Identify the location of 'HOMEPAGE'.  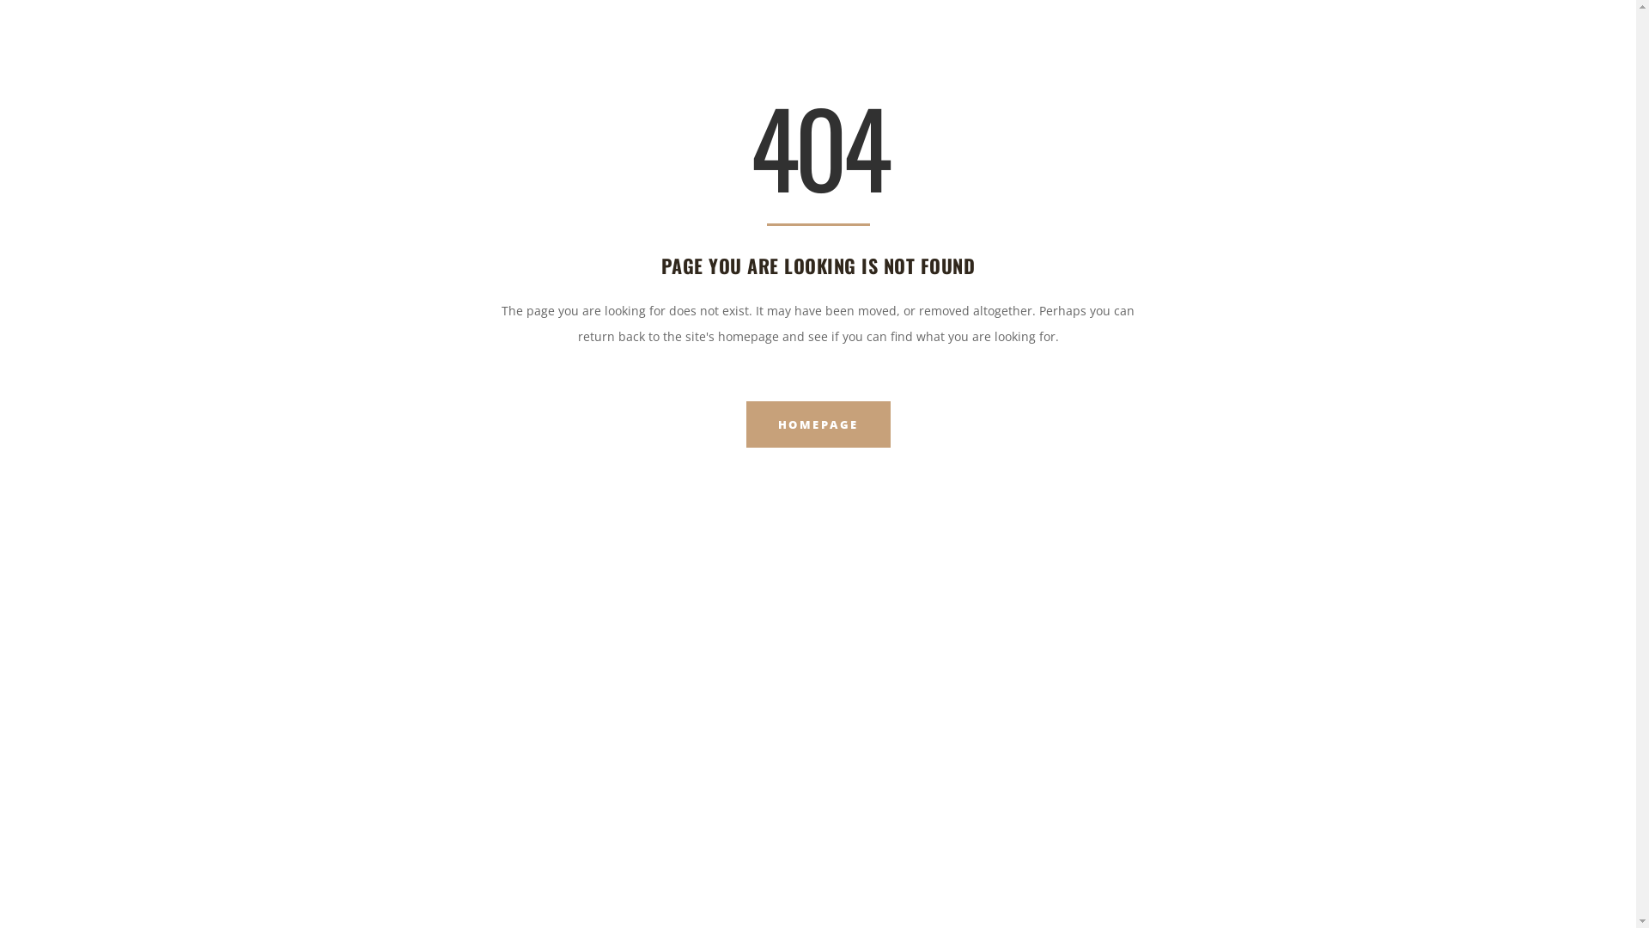
(816, 424).